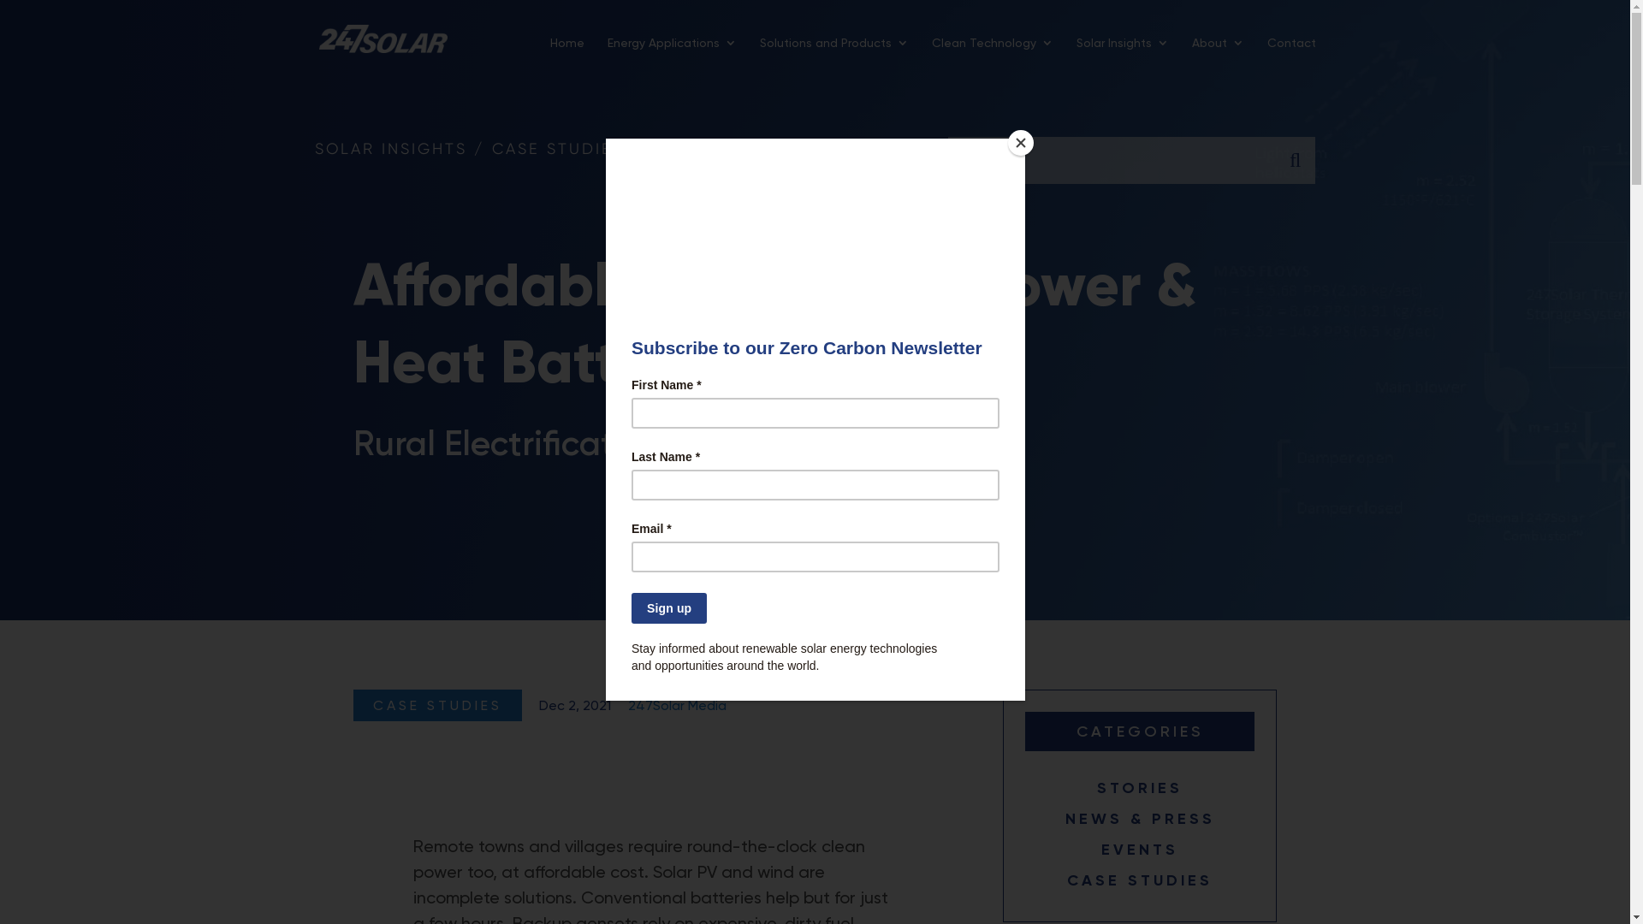  I want to click on 'Energy Applications', so click(608, 56).